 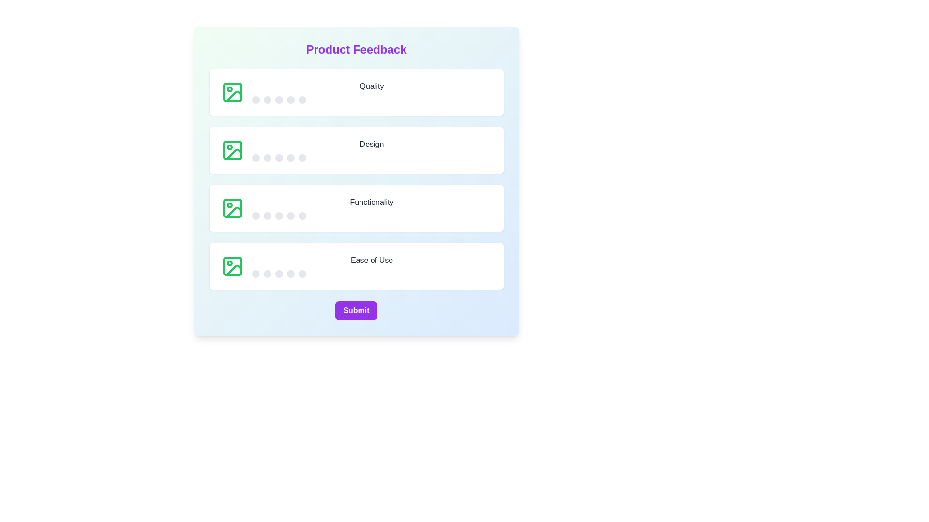 What do you see at coordinates (290, 274) in the screenshot?
I see `the star corresponding to 4 stars for the 'Ease of Use' category` at bounding box center [290, 274].